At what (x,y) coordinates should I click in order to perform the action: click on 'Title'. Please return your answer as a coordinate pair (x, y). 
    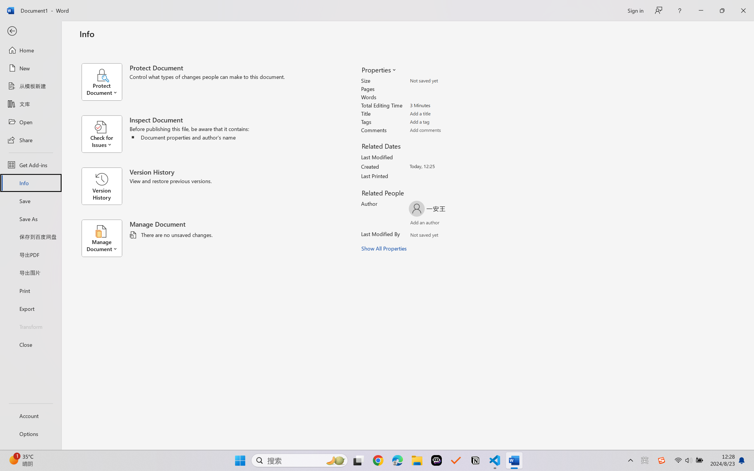
    Looking at the image, I should click on (444, 113).